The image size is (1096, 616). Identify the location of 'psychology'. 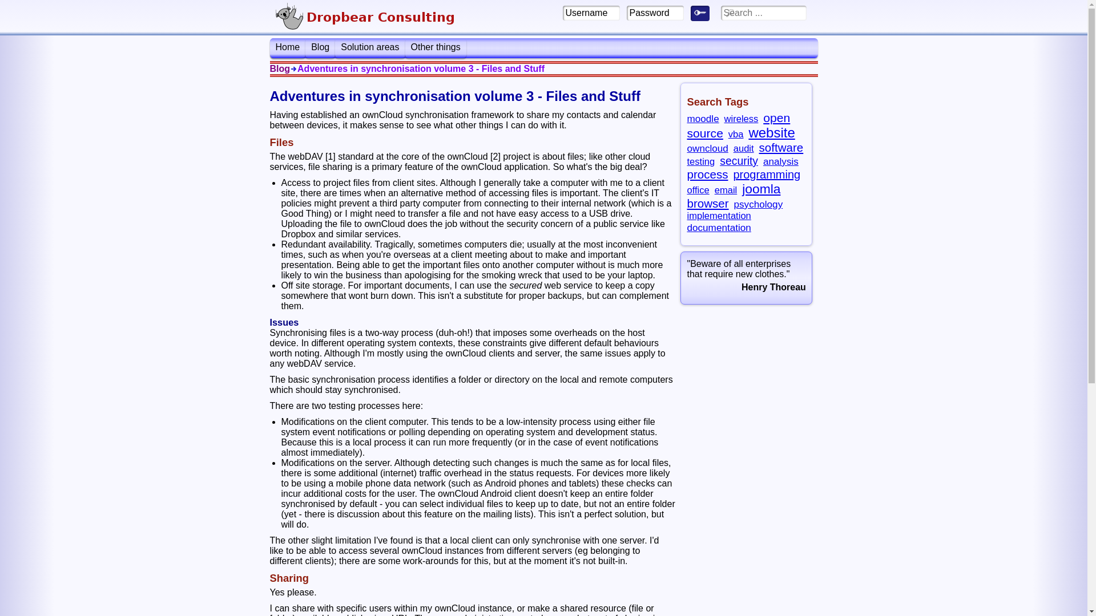
(759, 204).